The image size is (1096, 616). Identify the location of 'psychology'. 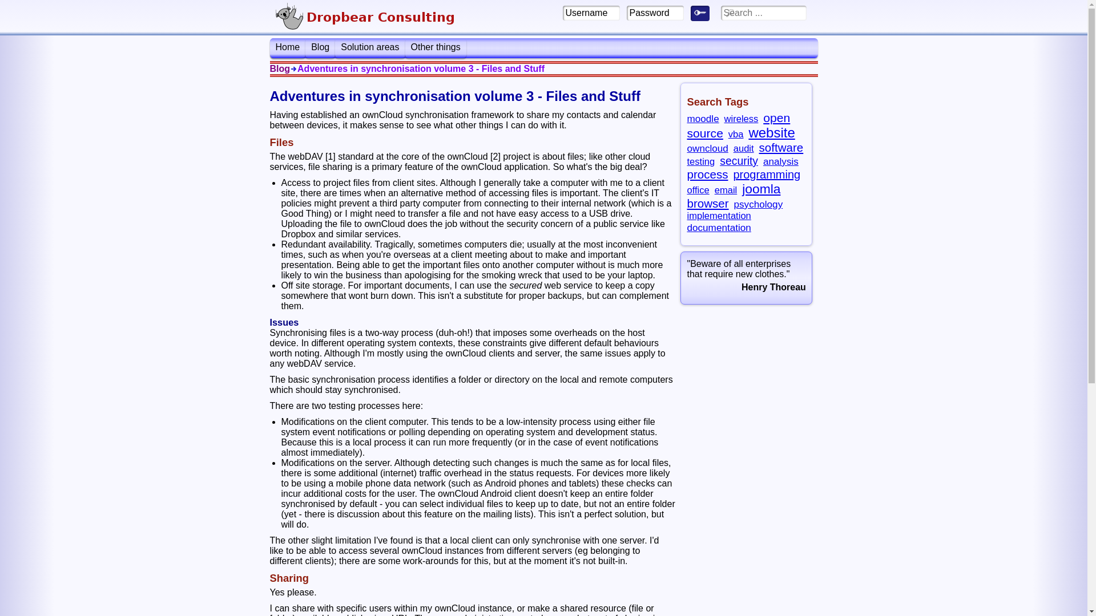
(759, 204).